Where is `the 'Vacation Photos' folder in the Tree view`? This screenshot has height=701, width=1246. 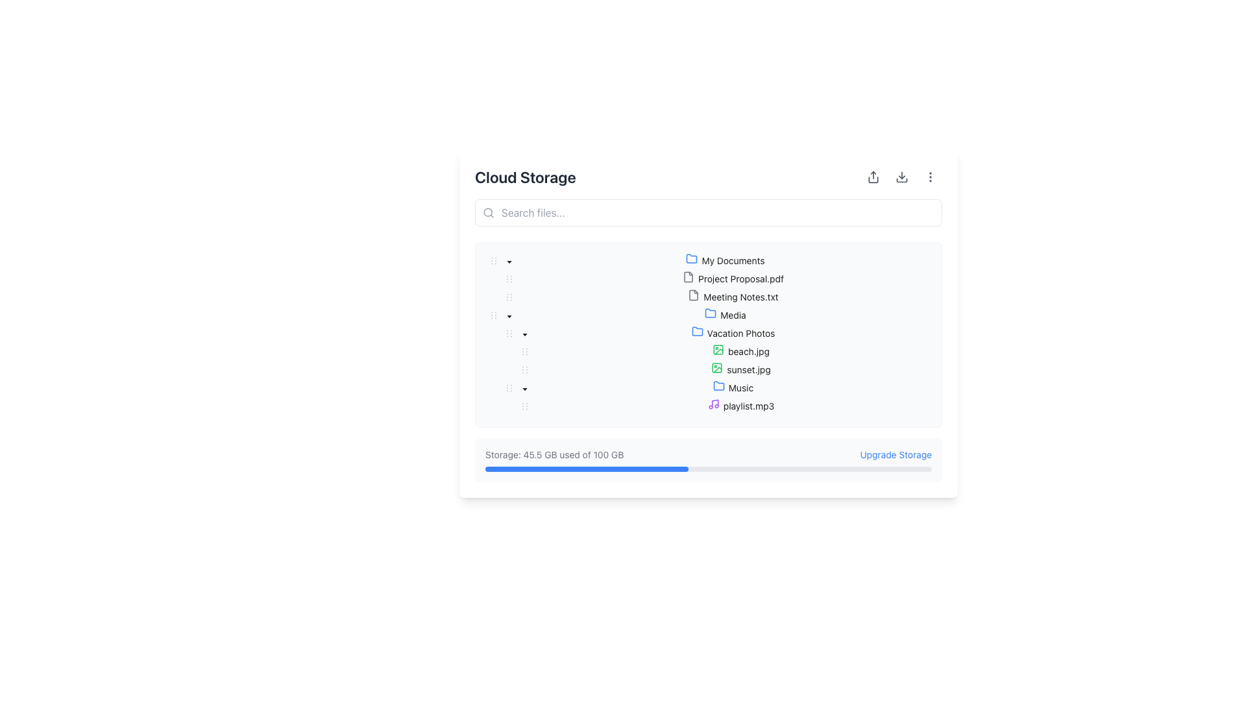 the 'Vacation Photos' folder in the Tree view is located at coordinates (733, 332).